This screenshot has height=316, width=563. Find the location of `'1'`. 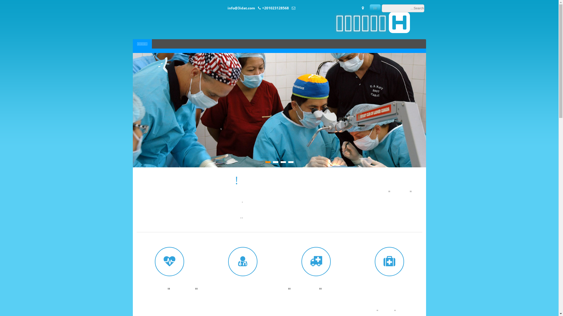

'1' is located at coordinates (290, 162).